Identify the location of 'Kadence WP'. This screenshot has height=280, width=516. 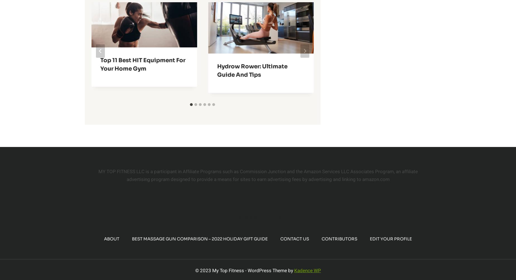
(307, 270).